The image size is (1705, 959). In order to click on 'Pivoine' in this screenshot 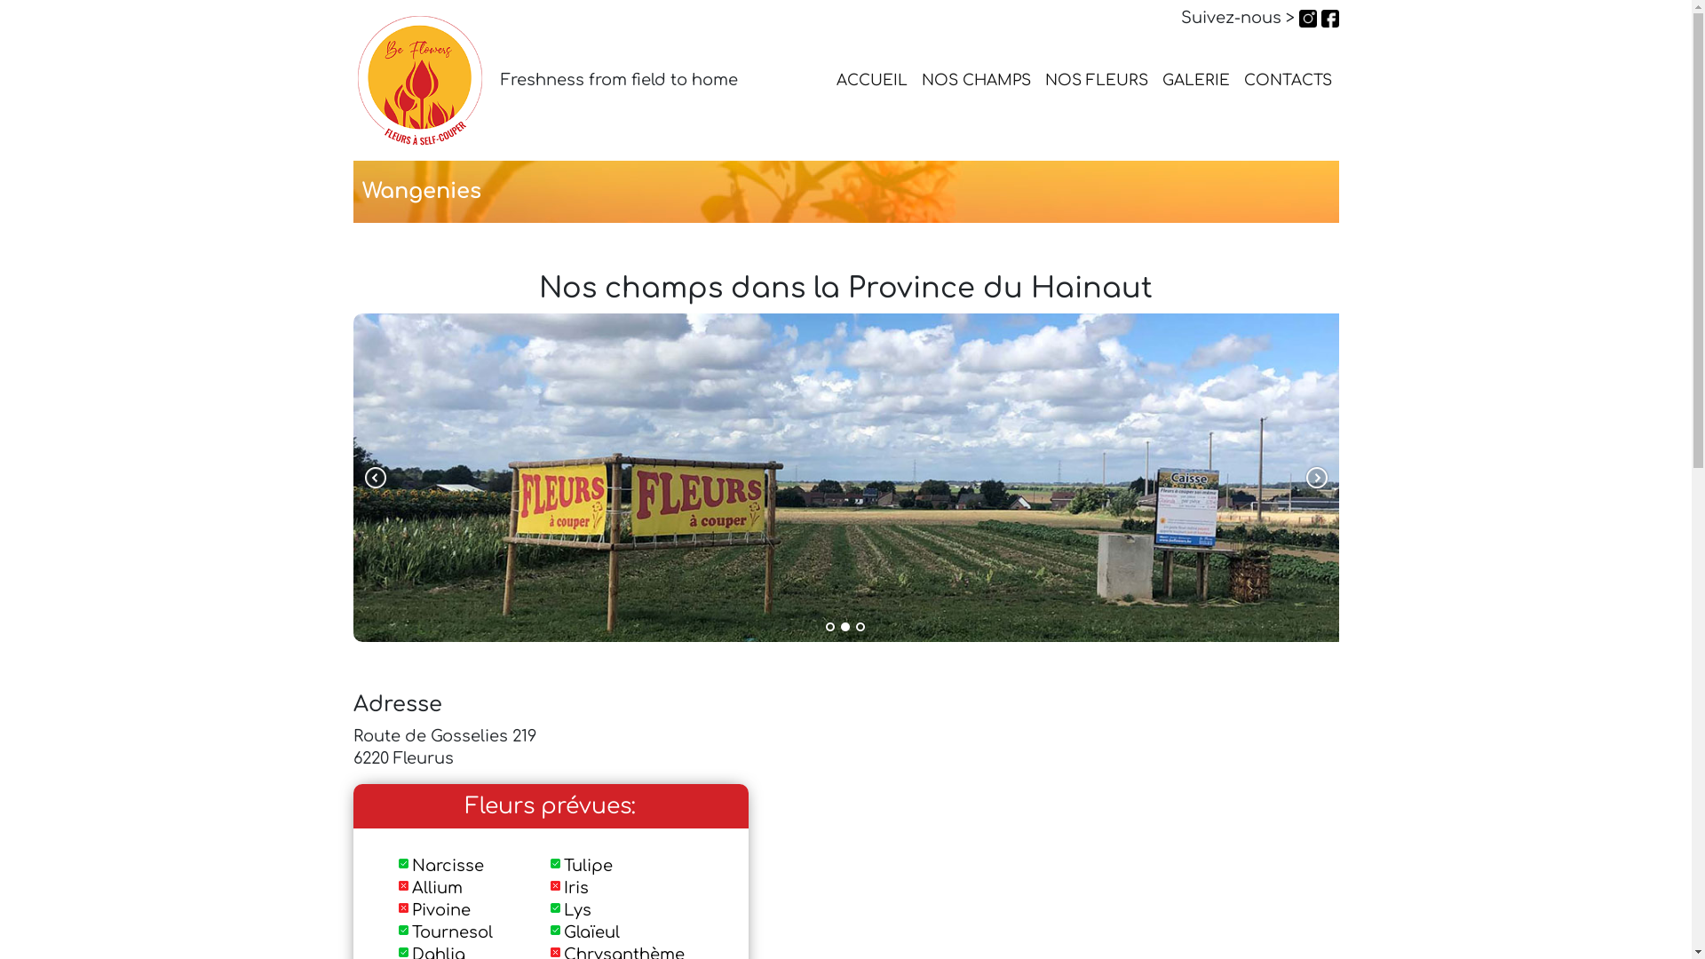, I will do `click(441, 910)`.